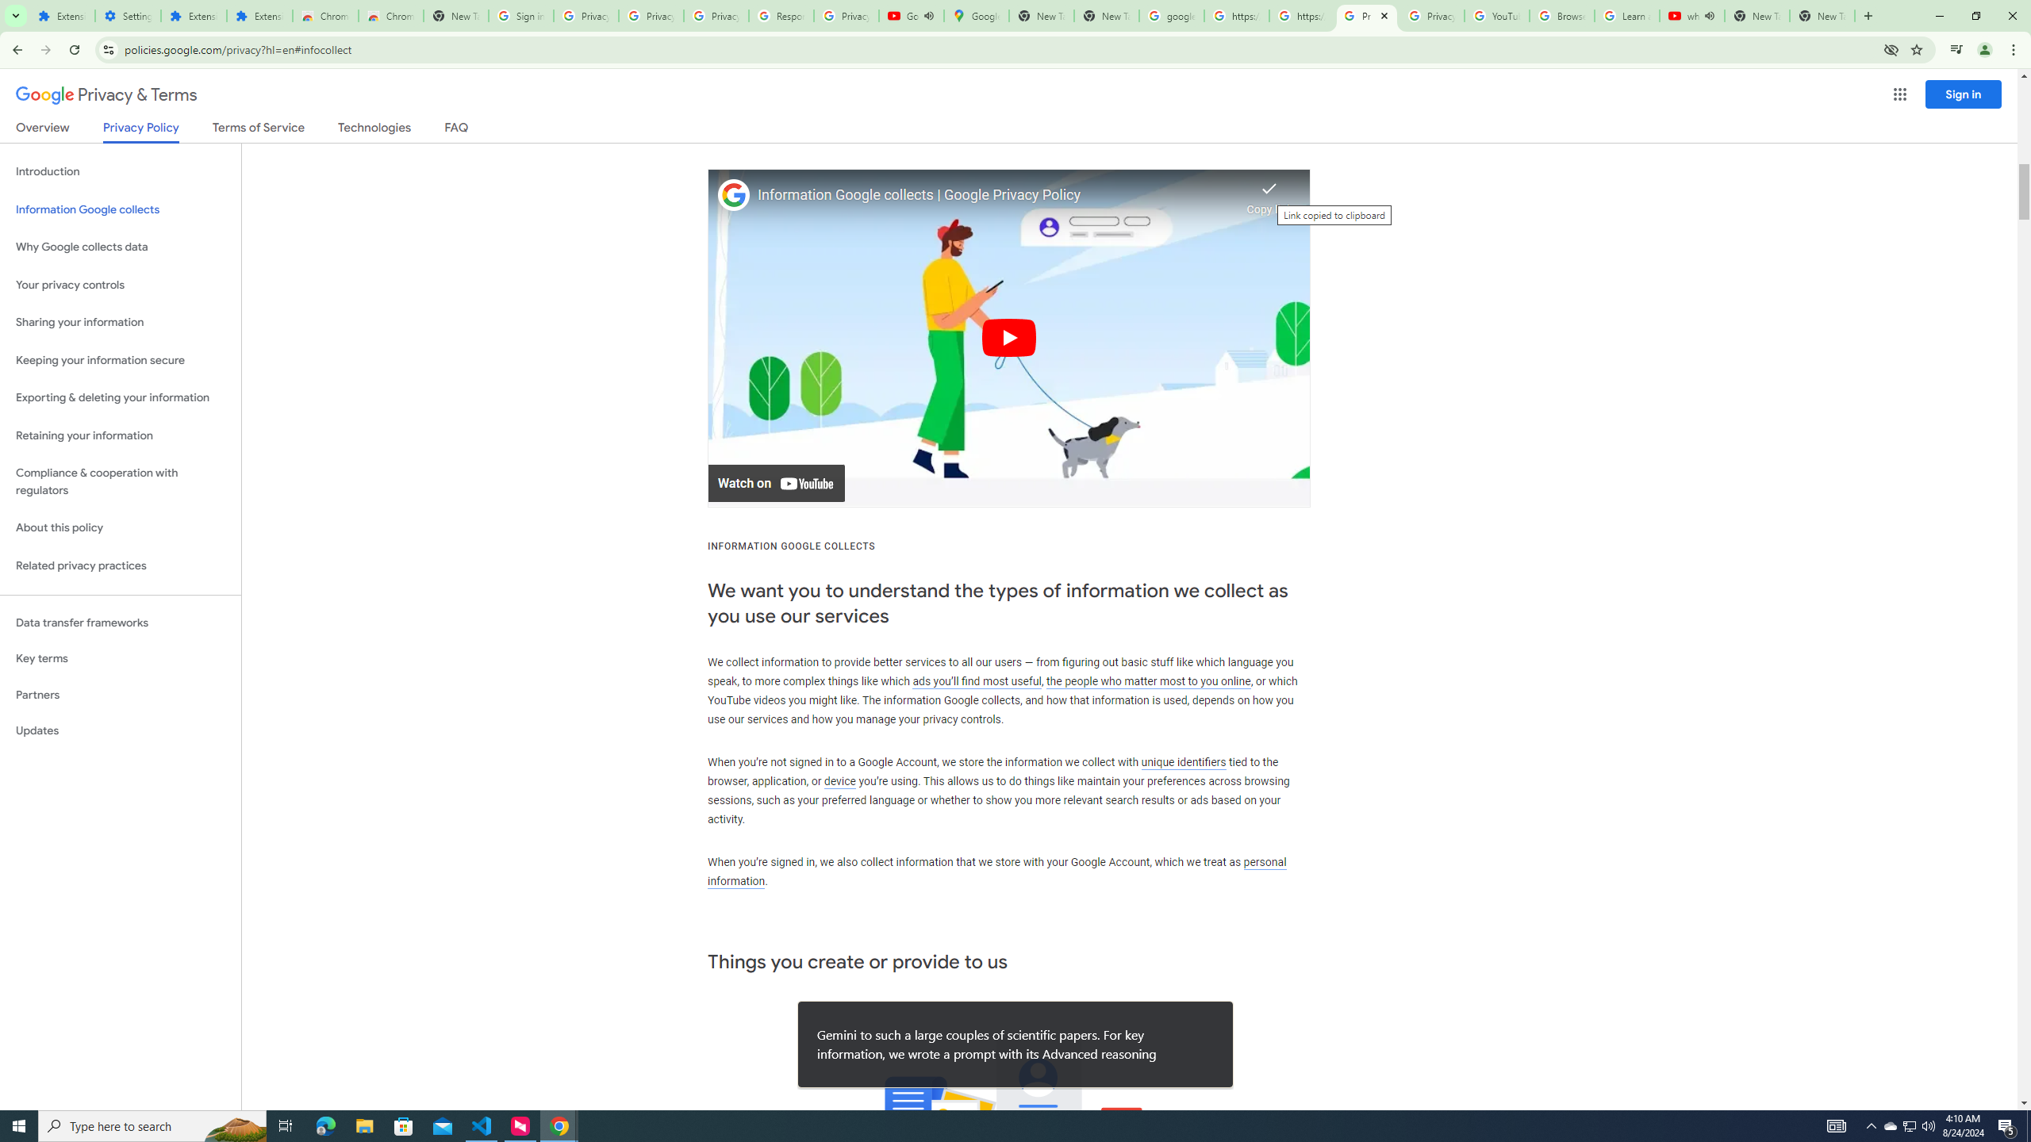 Image resolution: width=2031 pixels, height=1142 pixels. What do you see at coordinates (120, 695) in the screenshot?
I see `'Partners'` at bounding box center [120, 695].